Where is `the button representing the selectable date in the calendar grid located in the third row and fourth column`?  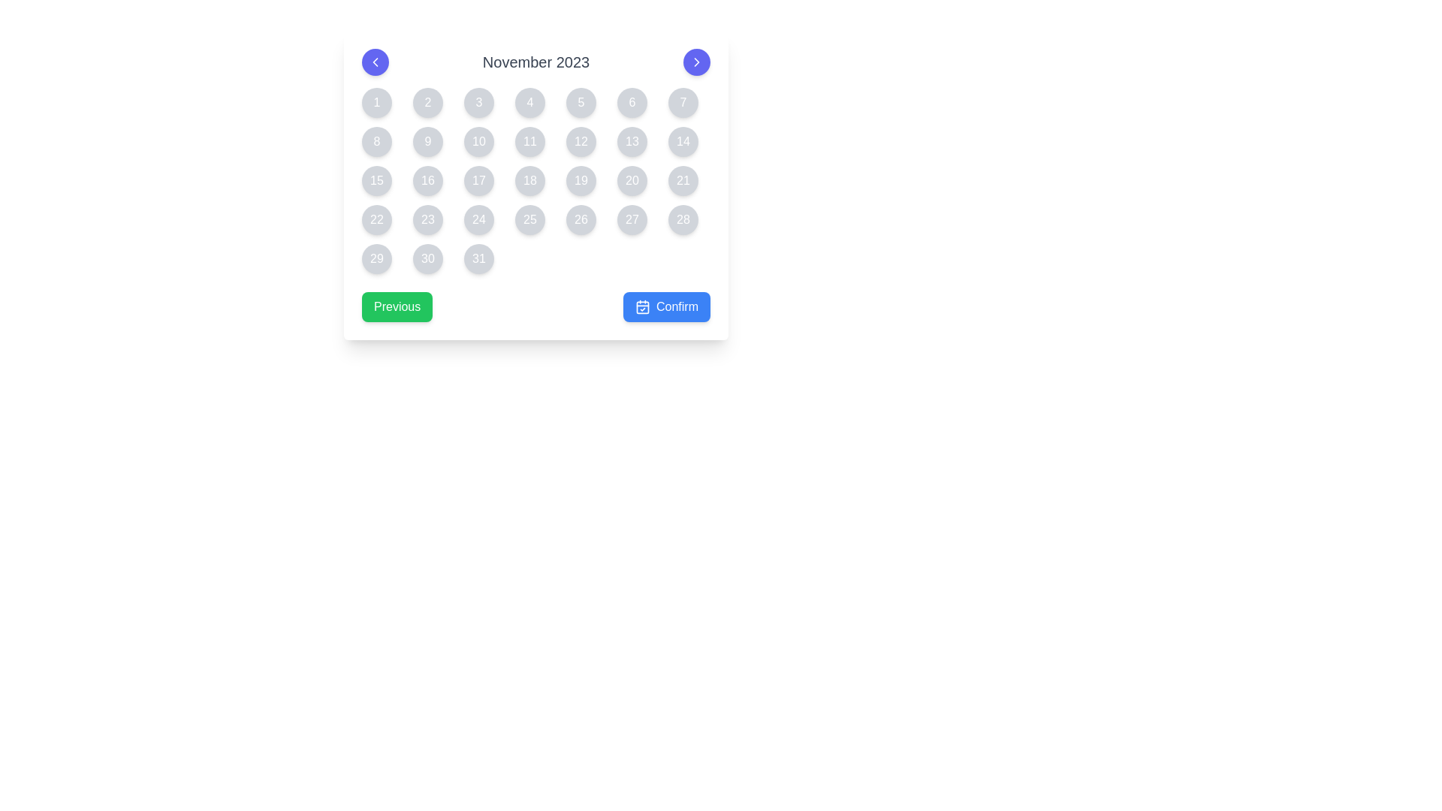
the button representing the selectable date in the calendar grid located in the third row and fourth column is located at coordinates (478, 179).